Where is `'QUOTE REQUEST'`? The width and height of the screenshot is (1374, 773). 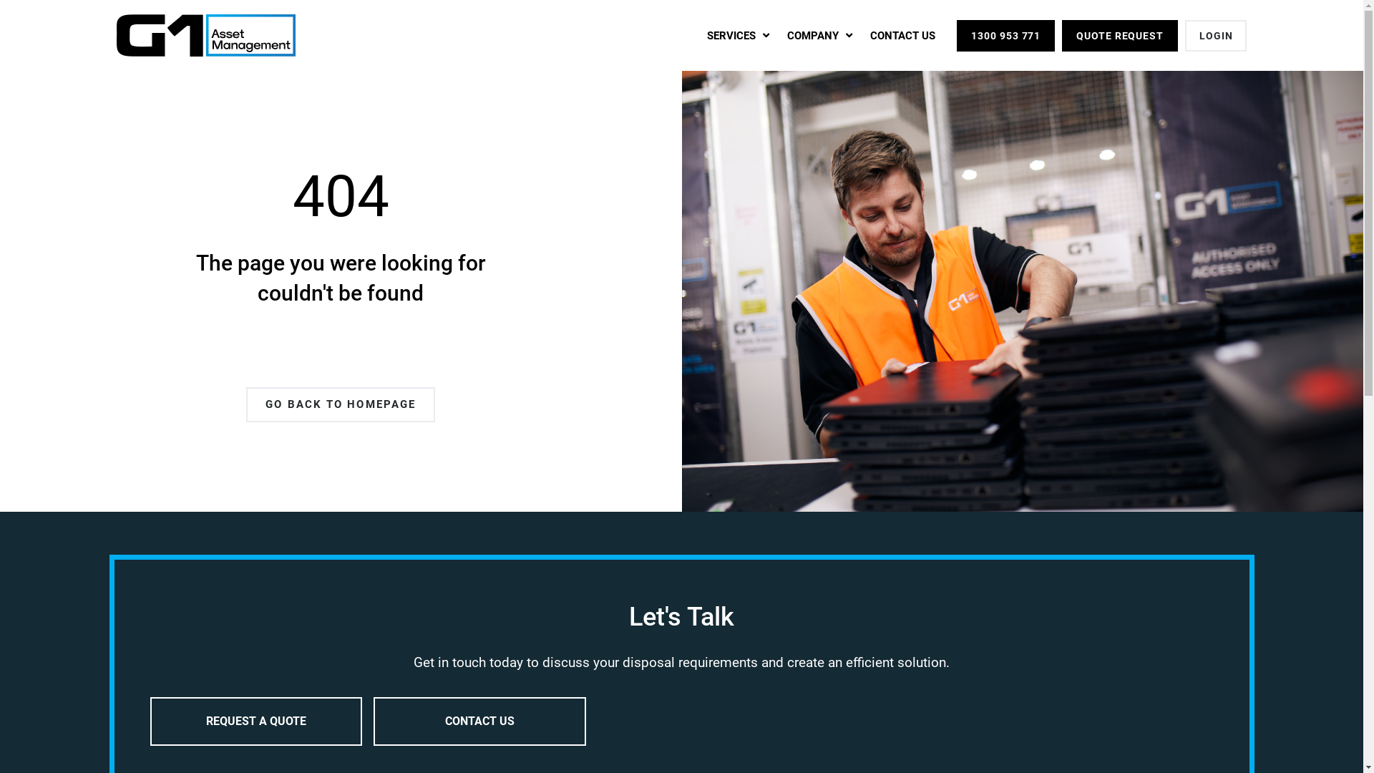 'QUOTE REQUEST' is located at coordinates (1119, 35).